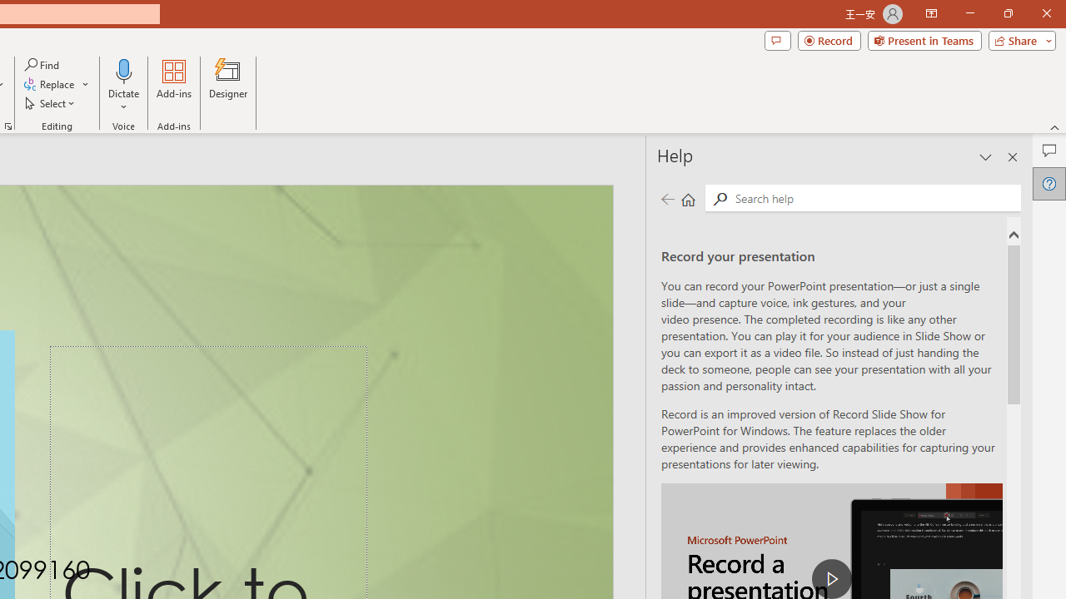 Image resolution: width=1066 pixels, height=599 pixels. I want to click on 'Replace...', so click(50, 84).